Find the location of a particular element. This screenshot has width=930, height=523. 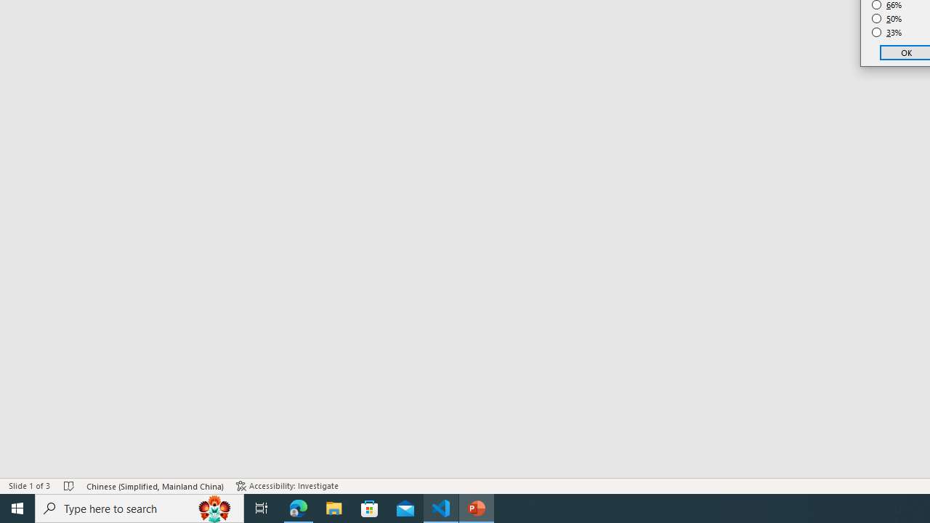

'Type here to search' is located at coordinates (139, 507).